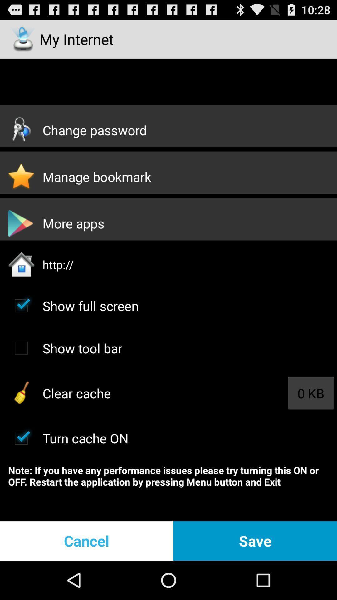  What do you see at coordinates (21, 306) in the screenshot?
I see `full screen` at bounding box center [21, 306].